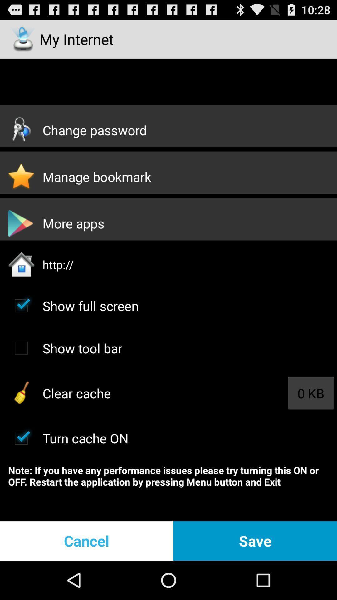  What do you see at coordinates (21, 306) in the screenshot?
I see `full screen` at bounding box center [21, 306].